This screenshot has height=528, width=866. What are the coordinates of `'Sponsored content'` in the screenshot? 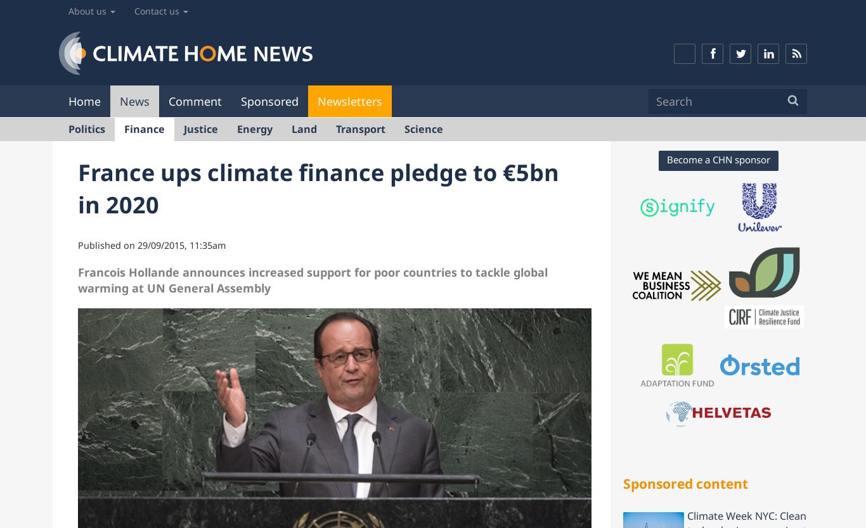 It's located at (685, 482).